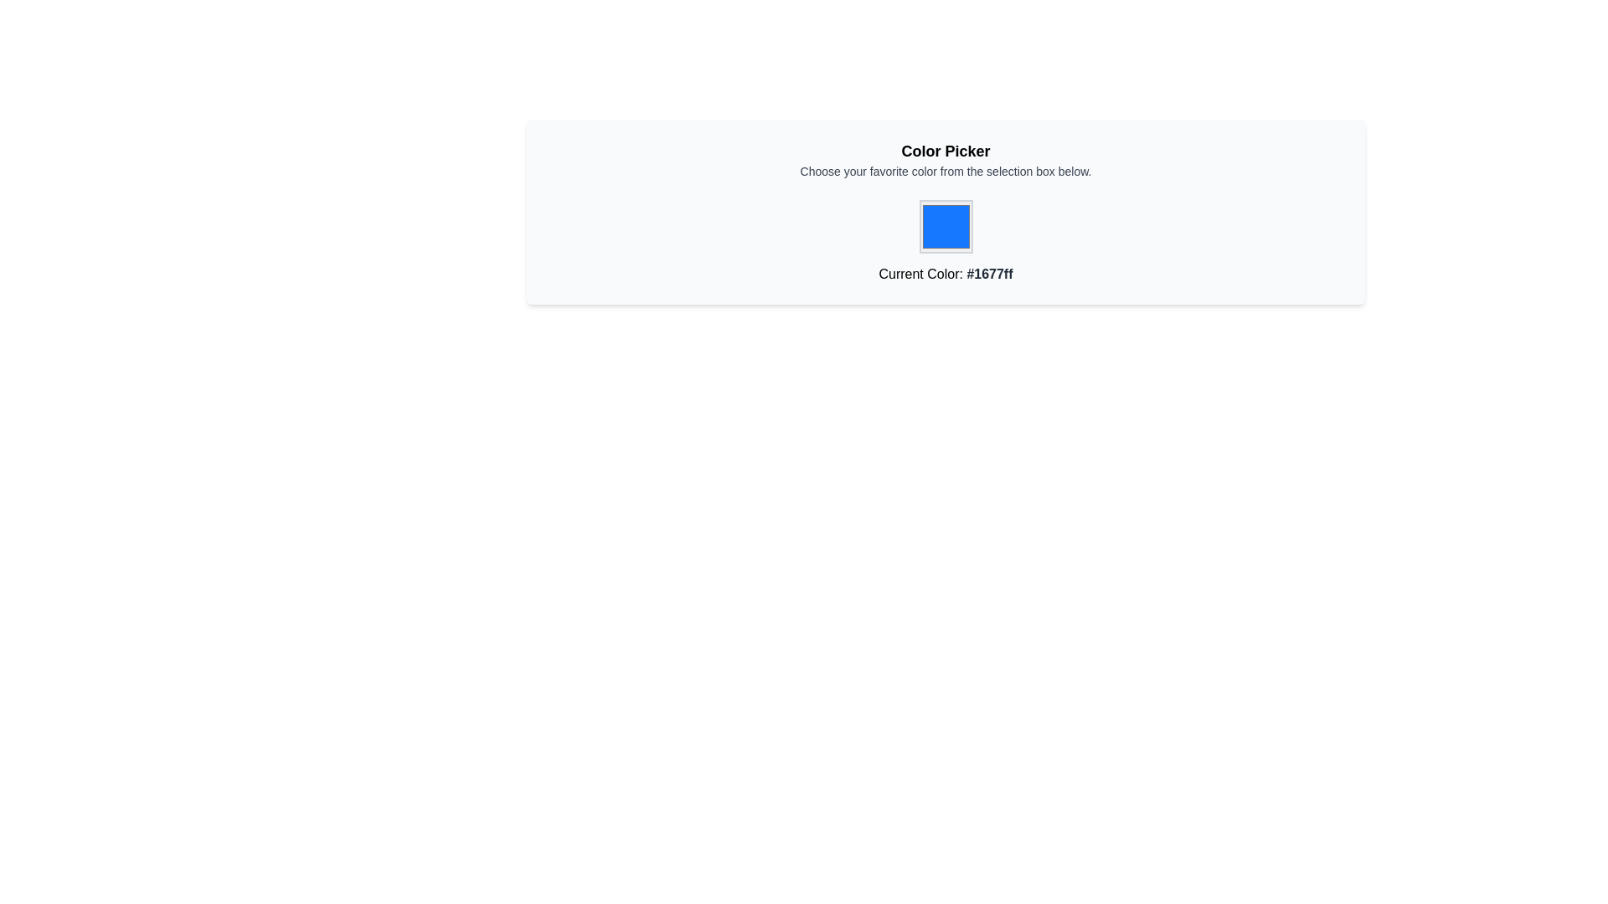 The image size is (1608, 904). I want to click on the Color display box which shows the currently selected color (blue) in the color picker interface, so click(946, 242).